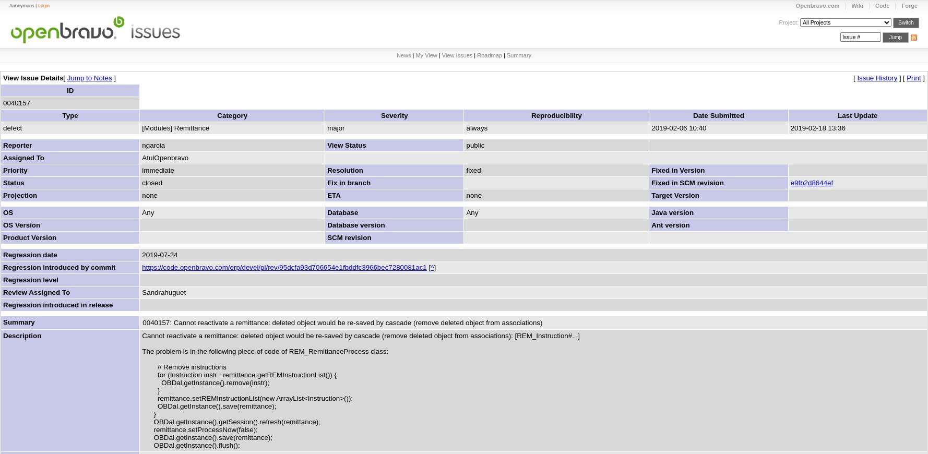  Describe the element at coordinates (153, 145) in the screenshot. I see `'ngarcia'` at that location.